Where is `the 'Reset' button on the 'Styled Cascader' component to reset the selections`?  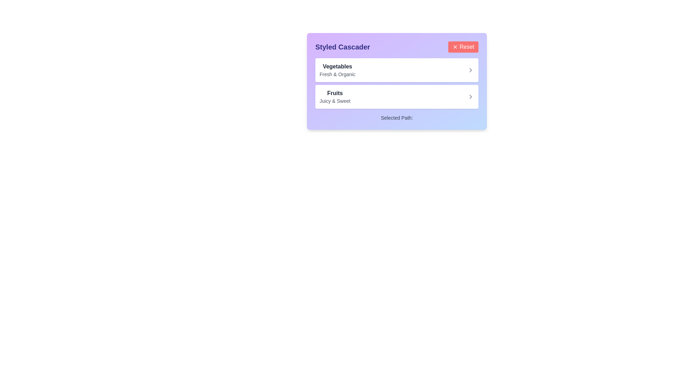
the 'Reset' button on the 'Styled Cascader' component to reset the selections is located at coordinates (397, 47).